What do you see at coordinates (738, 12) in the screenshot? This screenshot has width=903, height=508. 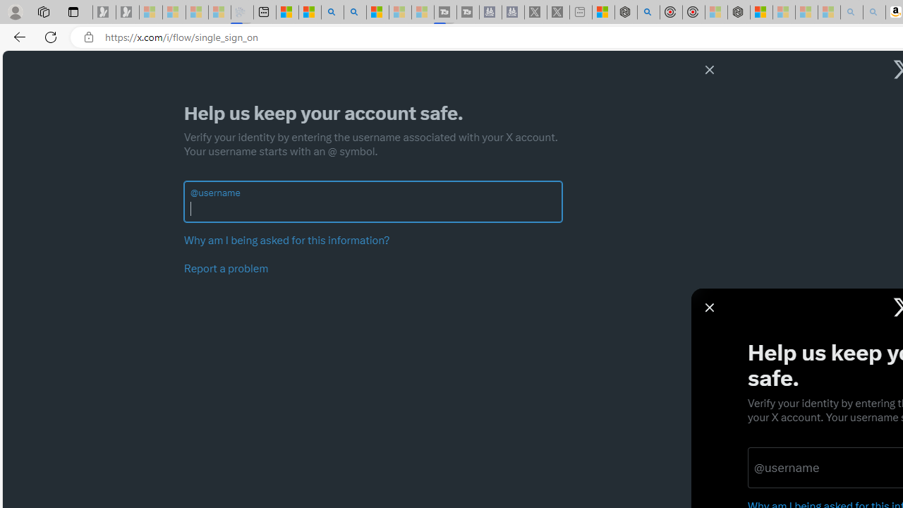 I see `'Nordace - Nordace Siena Is Not An Ordinary Backpack'` at bounding box center [738, 12].